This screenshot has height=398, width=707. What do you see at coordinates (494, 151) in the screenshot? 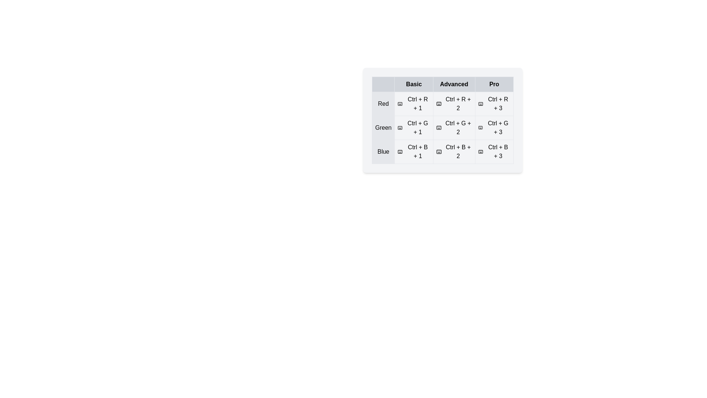
I see `text displayed in the keyboard shortcut label located in the bottom-right cell of the grid structure, which provides information about a specific shortcut combination for users` at bounding box center [494, 151].